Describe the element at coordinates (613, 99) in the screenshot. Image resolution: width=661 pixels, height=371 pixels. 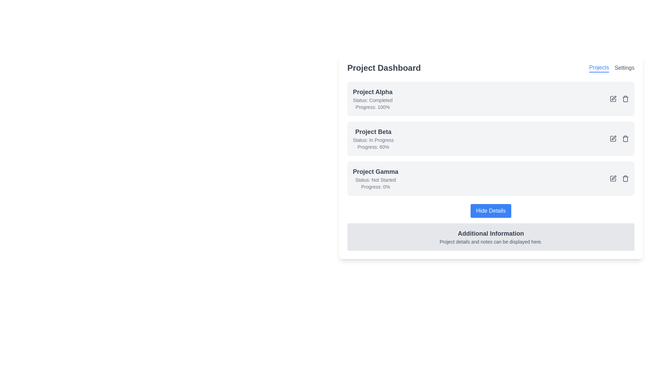
I see `the edit button for 'Project Alpha'` at that location.